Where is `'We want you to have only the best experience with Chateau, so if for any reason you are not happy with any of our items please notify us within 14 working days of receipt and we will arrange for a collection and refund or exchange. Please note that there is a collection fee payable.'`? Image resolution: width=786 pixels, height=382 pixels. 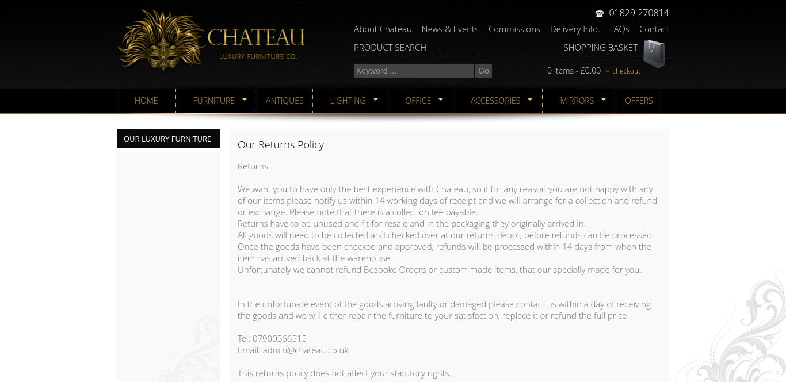
'We want you to have only the best experience with Chateau, so if for any reason you are not happy with any of our items please notify us within 14 working days of receipt and we will arrange for a collection and refund or exchange. Please note that there is a collection fee payable.' is located at coordinates (447, 200).